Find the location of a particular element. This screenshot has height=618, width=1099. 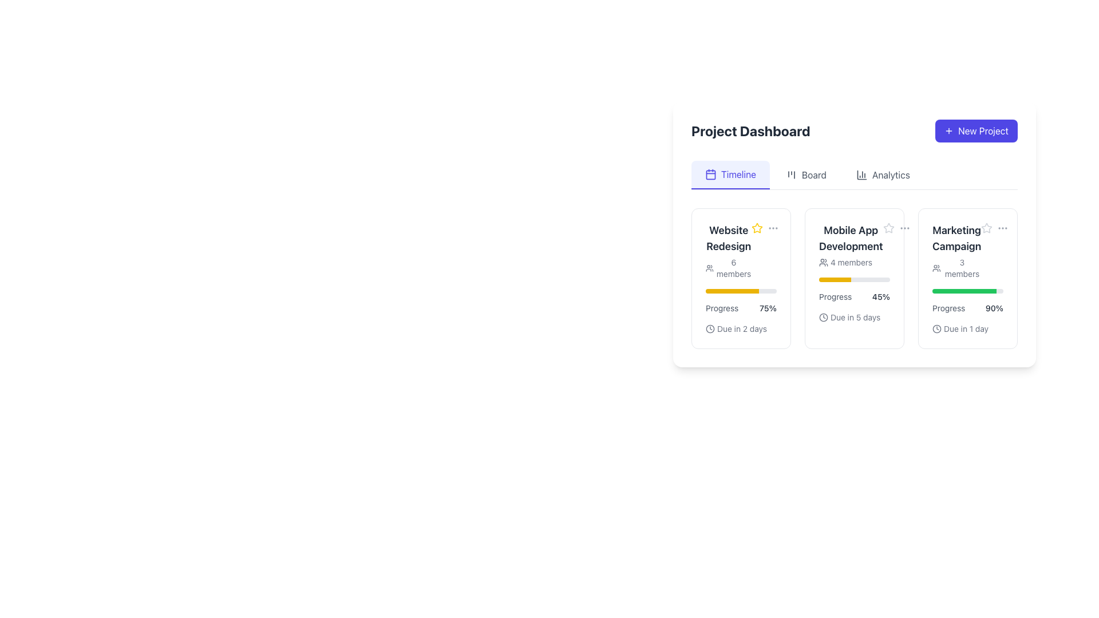

the text element displaying '3 members' with an accompanying user icon, located below the 'Marketing Campaign' title is located at coordinates (956, 268).